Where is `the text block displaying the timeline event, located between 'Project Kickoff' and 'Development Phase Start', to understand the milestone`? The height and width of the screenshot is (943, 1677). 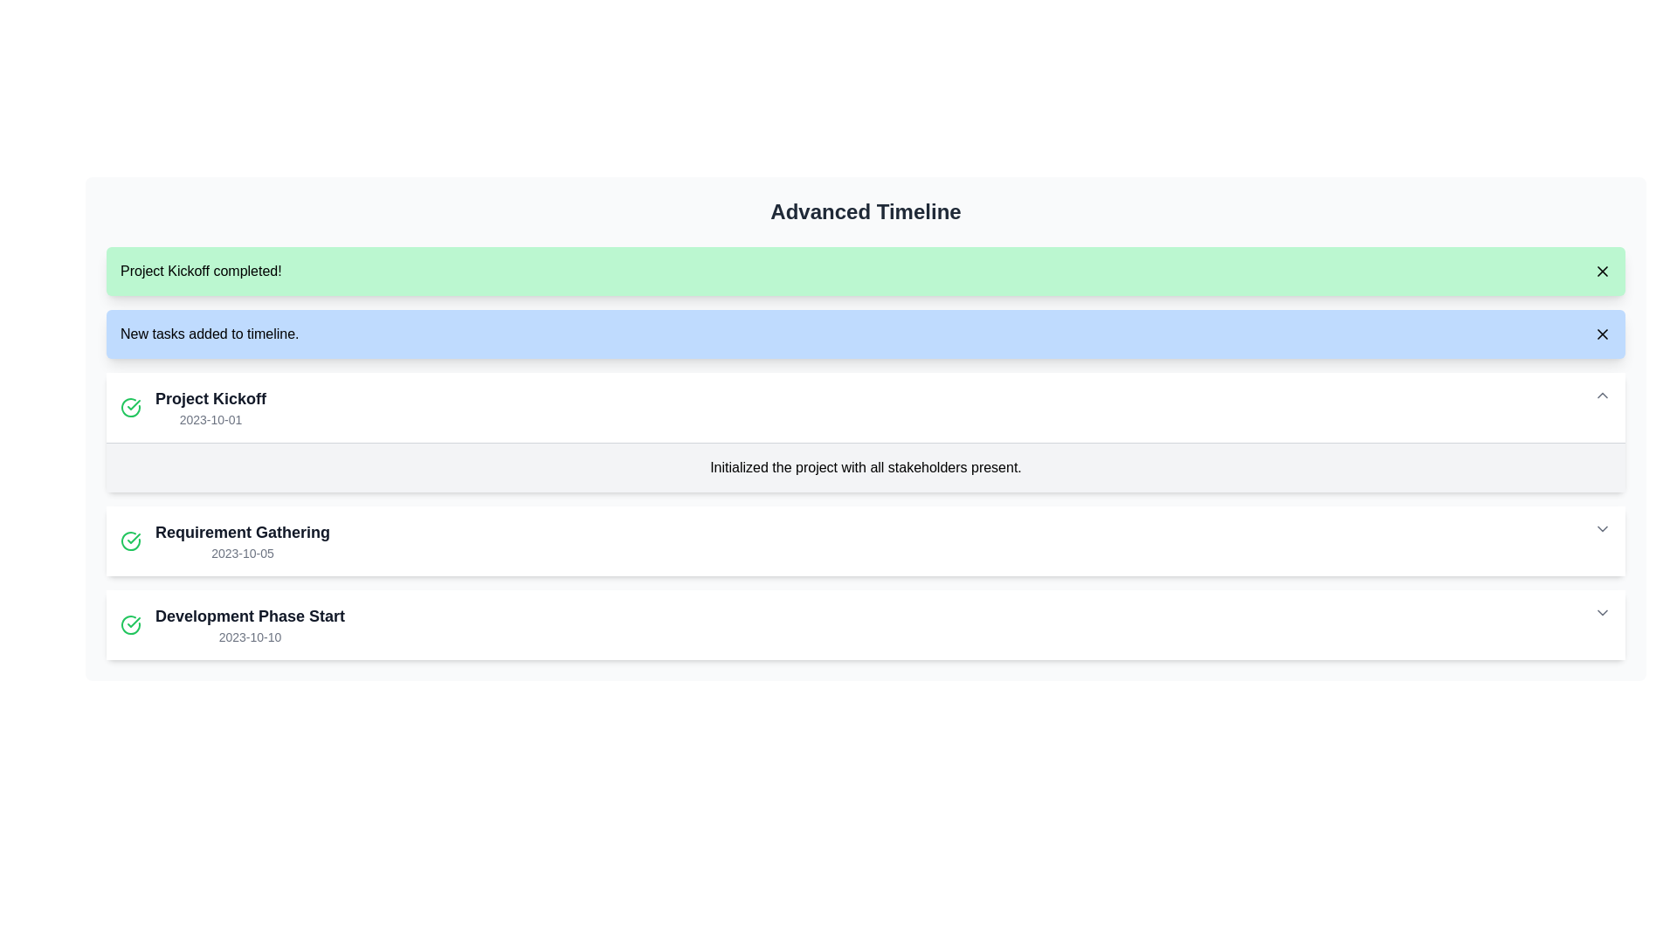 the text block displaying the timeline event, located between 'Project Kickoff' and 'Development Phase Start', to understand the milestone is located at coordinates (242, 540).